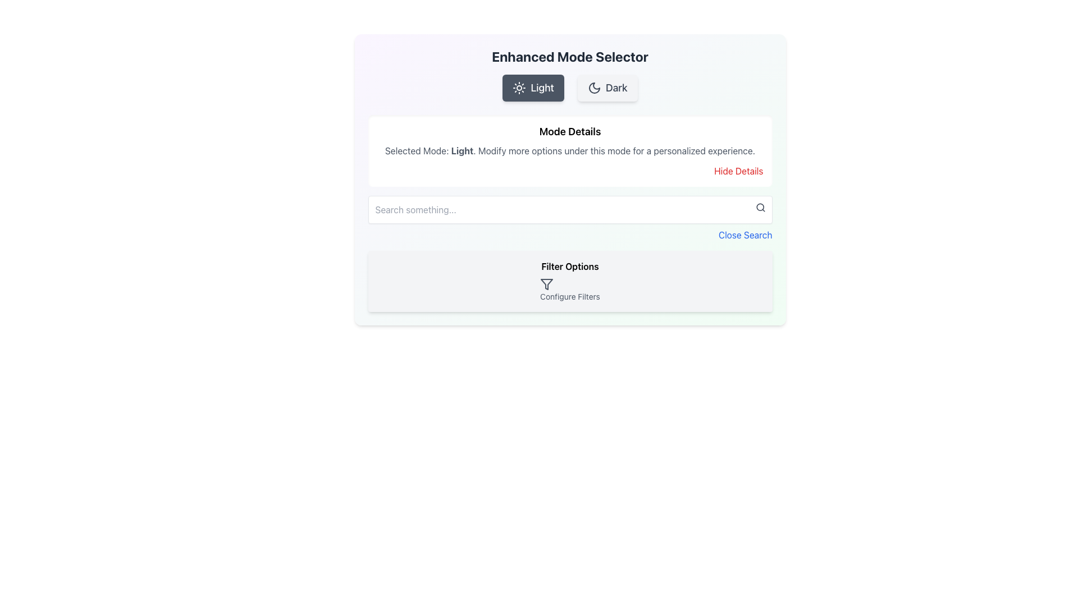 The image size is (1078, 606). What do you see at coordinates (570, 281) in the screenshot?
I see `the 'Configure Filters' link within the card-like section labeled 'Filter Options'` at bounding box center [570, 281].